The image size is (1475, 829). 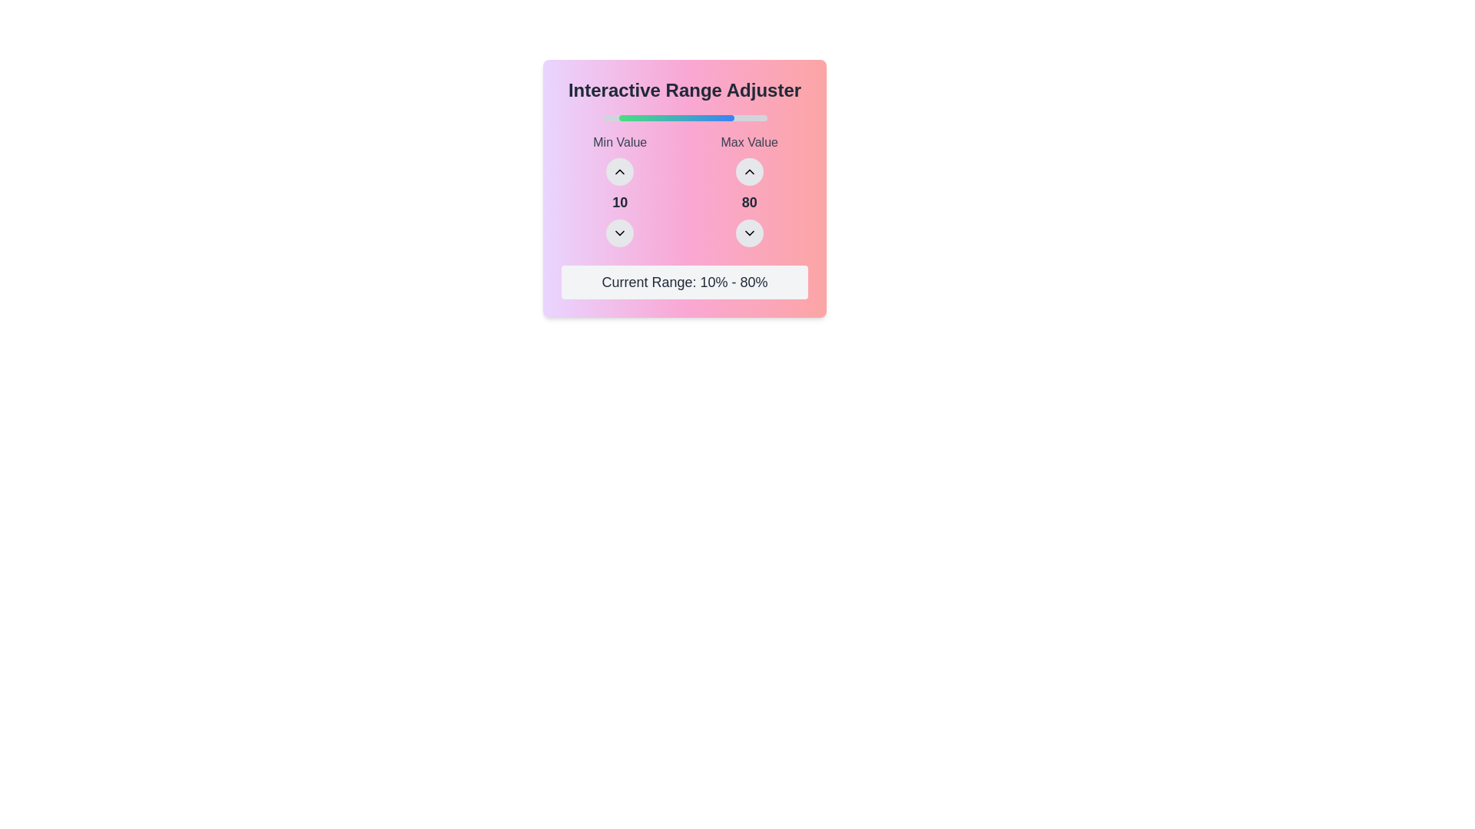 What do you see at coordinates (749, 142) in the screenshot?
I see `the label text that indicates the maximum value setting for the range input, located in the top-right corner above the upwards arrow button` at bounding box center [749, 142].